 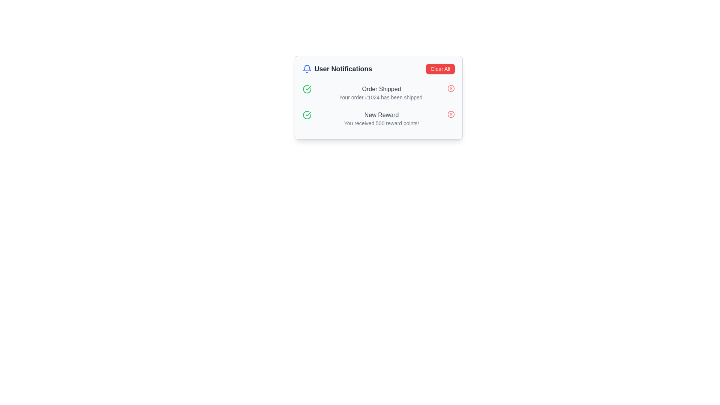 What do you see at coordinates (450, 88) in the screenshot?
I see `the central circular part of the dismiss icon for the 'Order Shipped' notification about order #1024` at bounding box center [450, 88].